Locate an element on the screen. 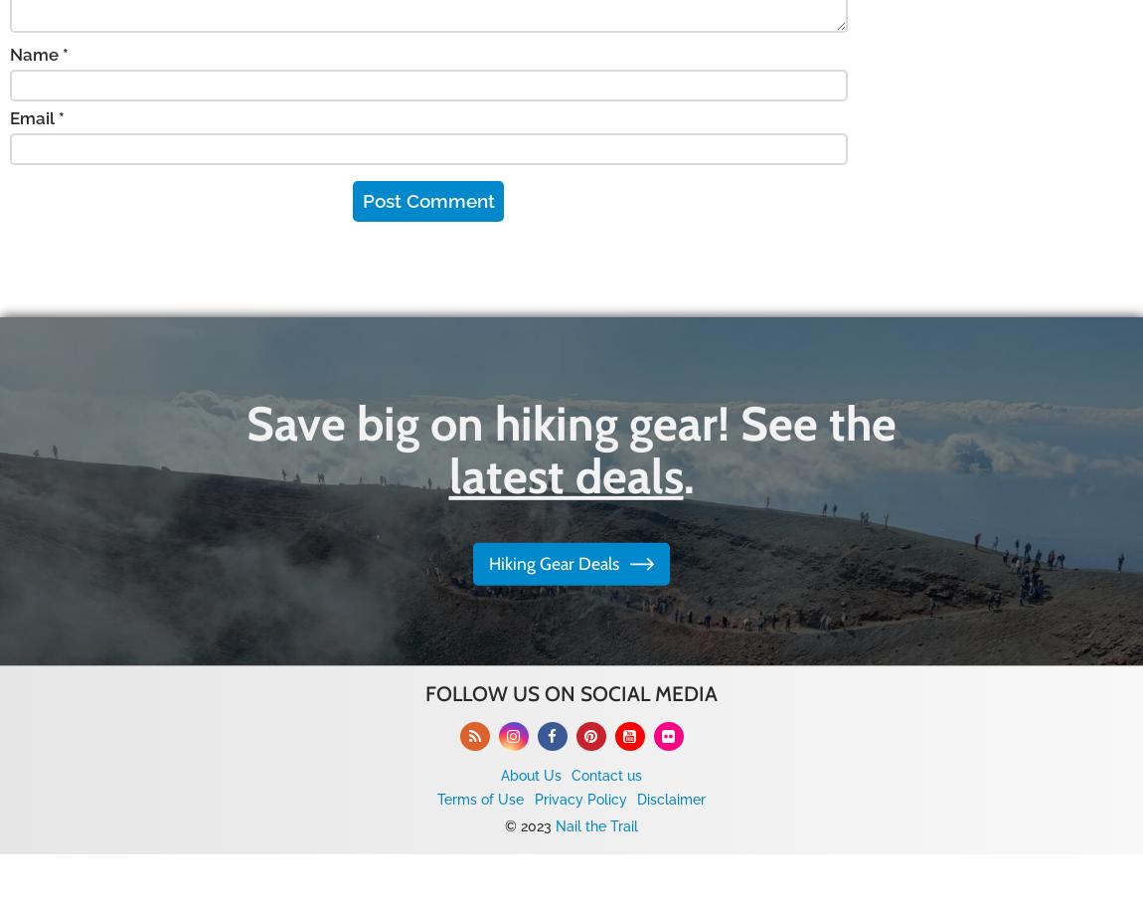  '©
          2023' is located at coordinates (530, 824).